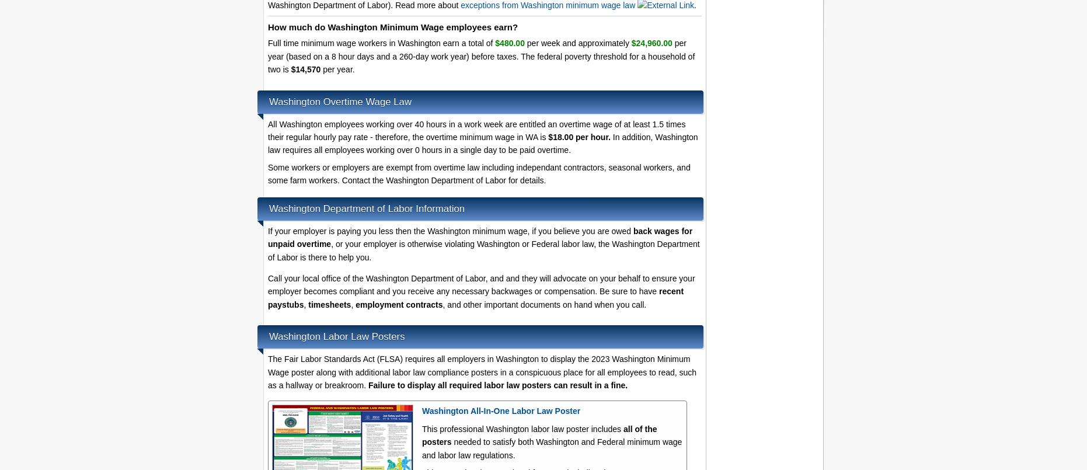 Image resolution: width=1087 pixels, height=470 pixels. I want to click on 'If your employer is paying you less then the Washington minimum wage, if you believe you are owed', so click(450, 231).